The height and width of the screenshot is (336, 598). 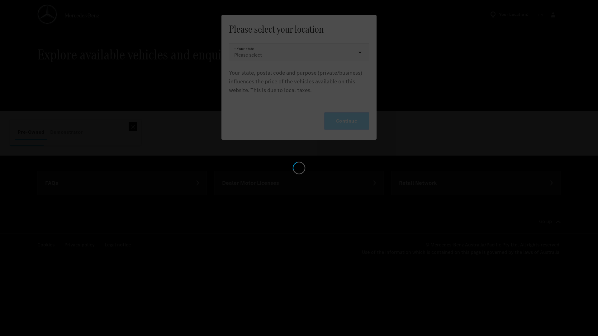 I want to click on 'Cookies', so click(x=45, y=245).